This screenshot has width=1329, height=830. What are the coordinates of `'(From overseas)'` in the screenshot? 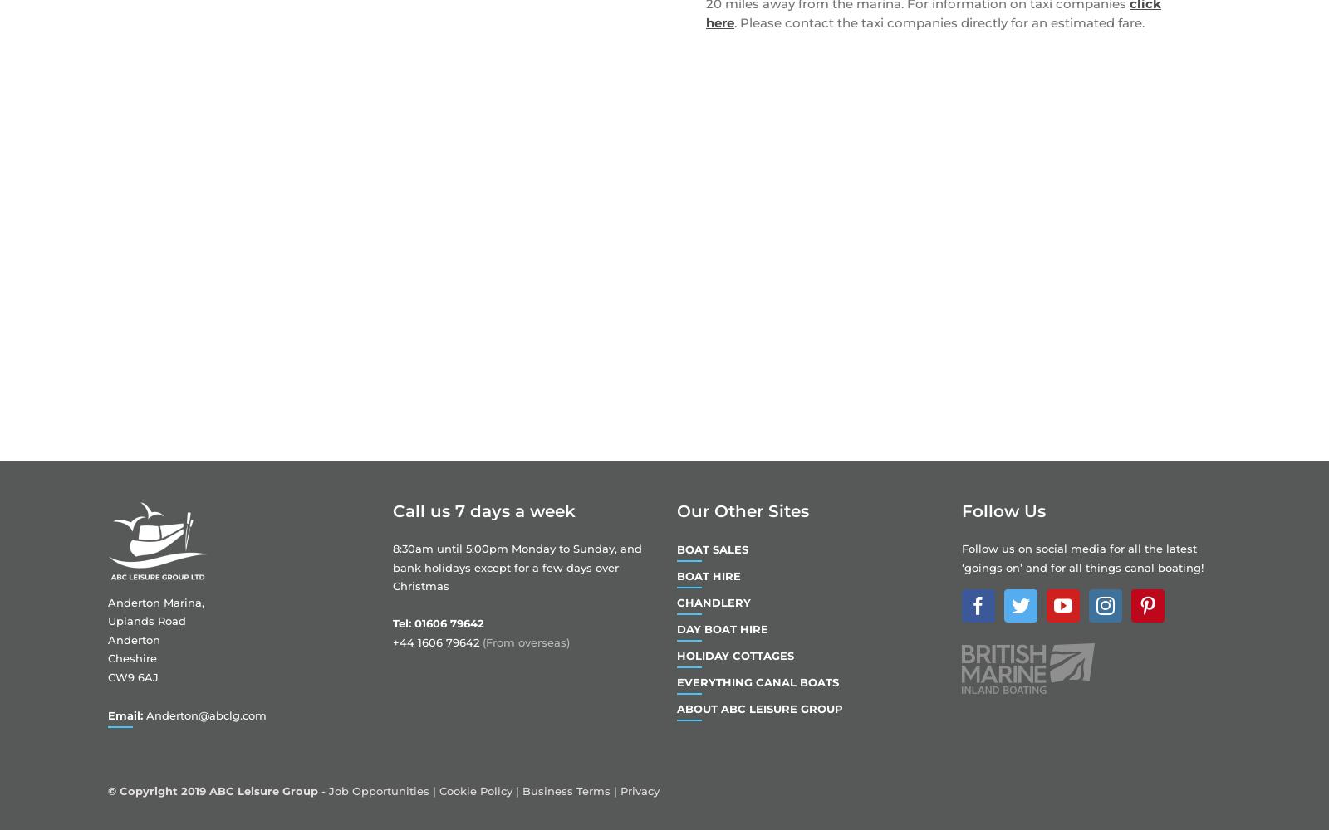 It's located at (481, 642).